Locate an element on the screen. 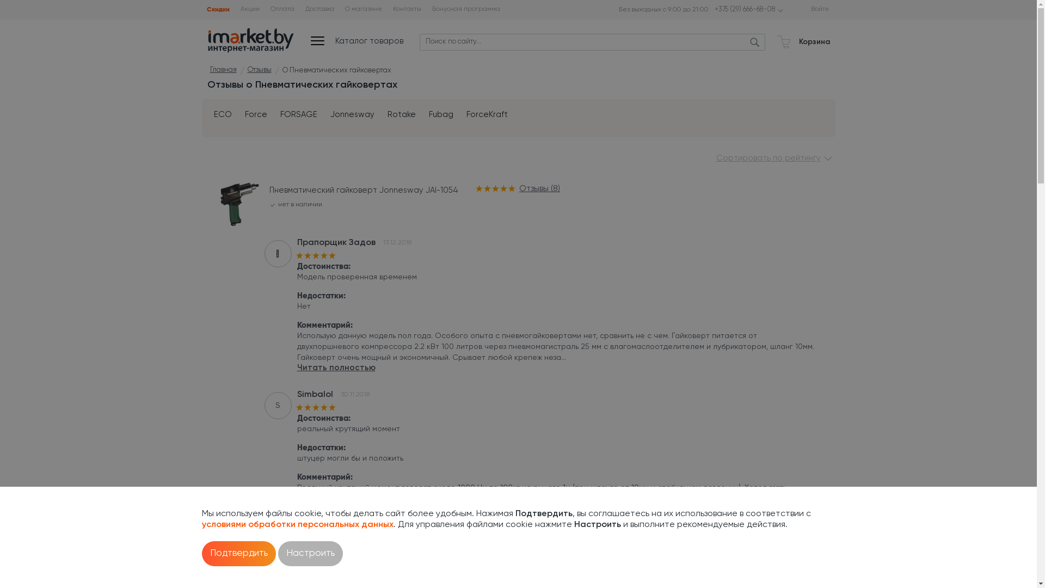  'ForceKraft' is located at coordinates (485, 115).